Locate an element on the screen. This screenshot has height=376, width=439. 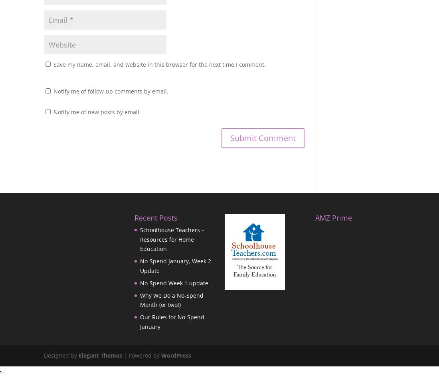
'AMZ Prime' is located at coordinates (333, 217).